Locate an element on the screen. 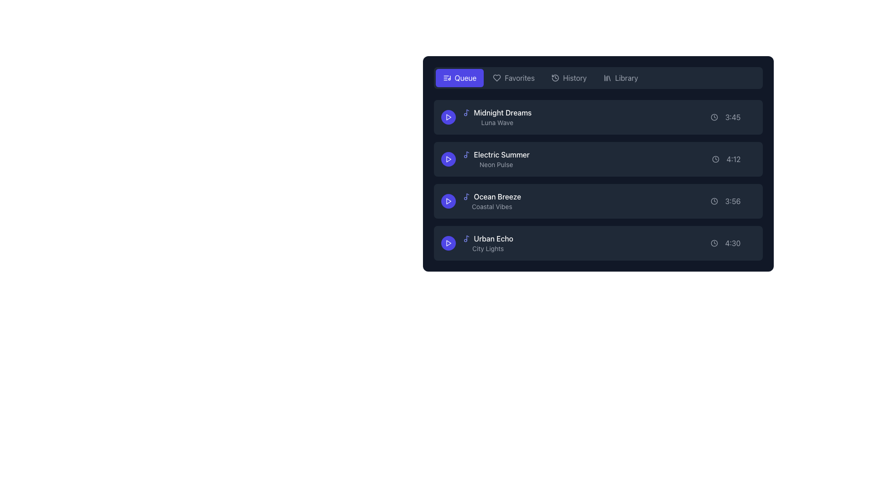 The width and height of the screenshot is (877, 493). the last visible music track in the playlist is located at coordinates (476, 242).